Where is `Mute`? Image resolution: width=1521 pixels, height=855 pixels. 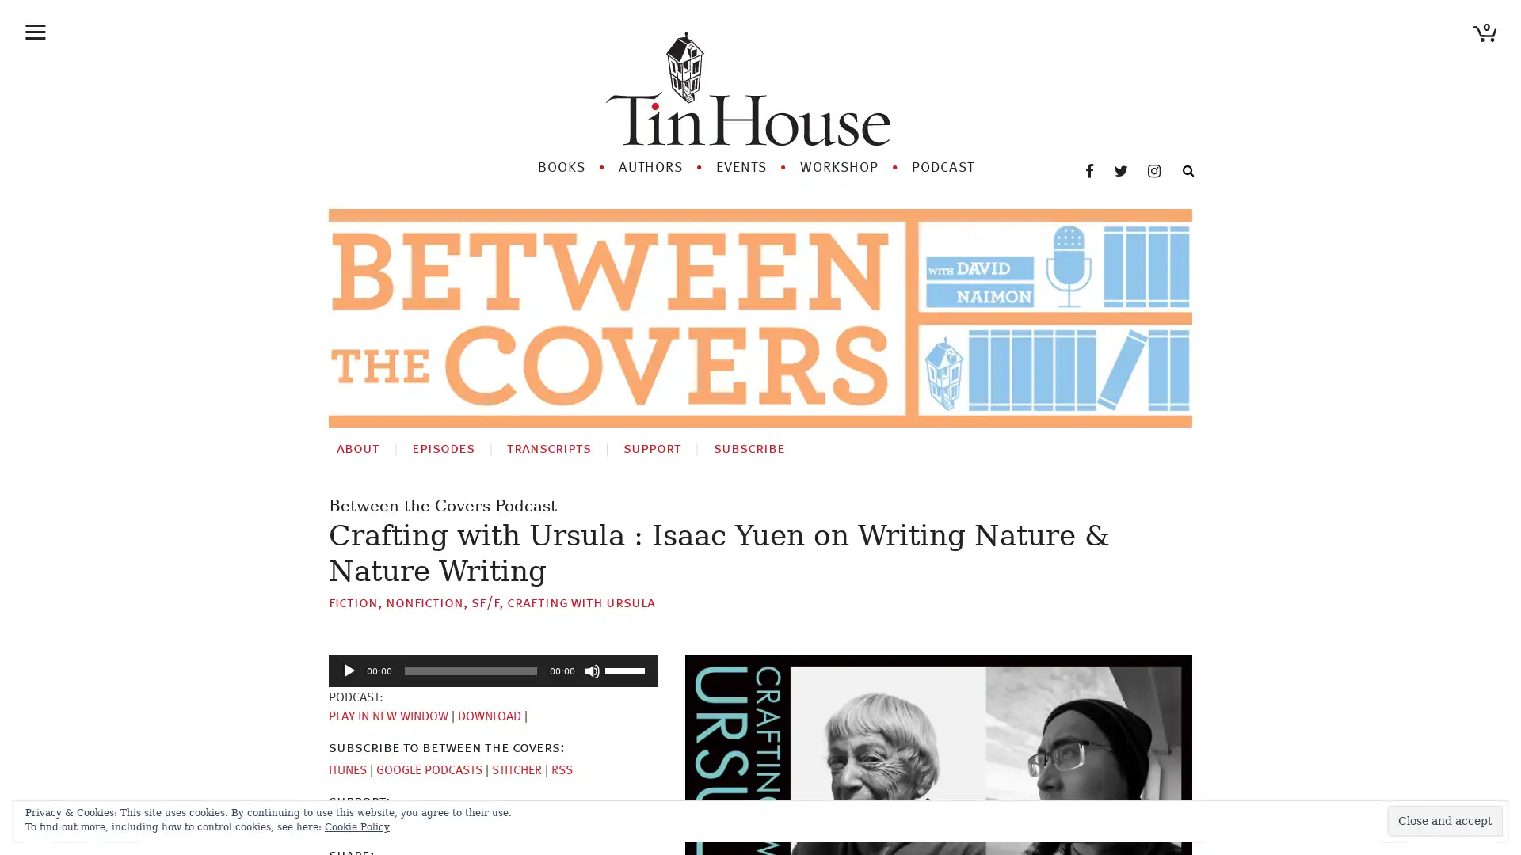 Mute is located at coordinates (592, 671).